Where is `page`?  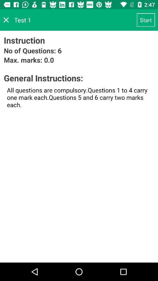
page is located at coordinates (6, 20).